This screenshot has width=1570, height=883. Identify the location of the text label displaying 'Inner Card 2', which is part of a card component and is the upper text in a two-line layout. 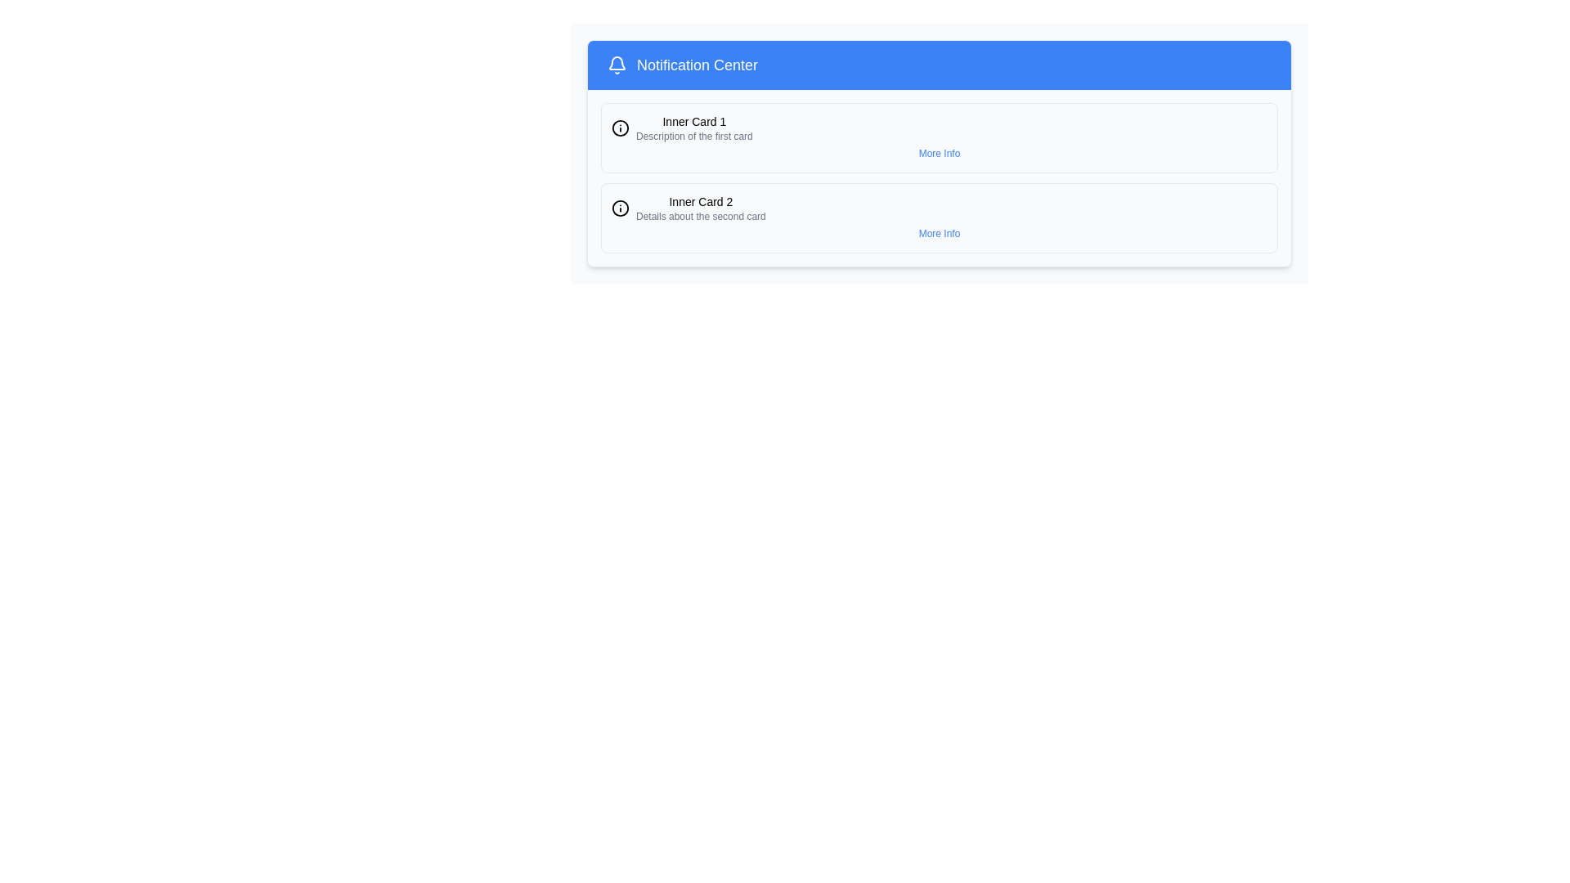
(701, 200).